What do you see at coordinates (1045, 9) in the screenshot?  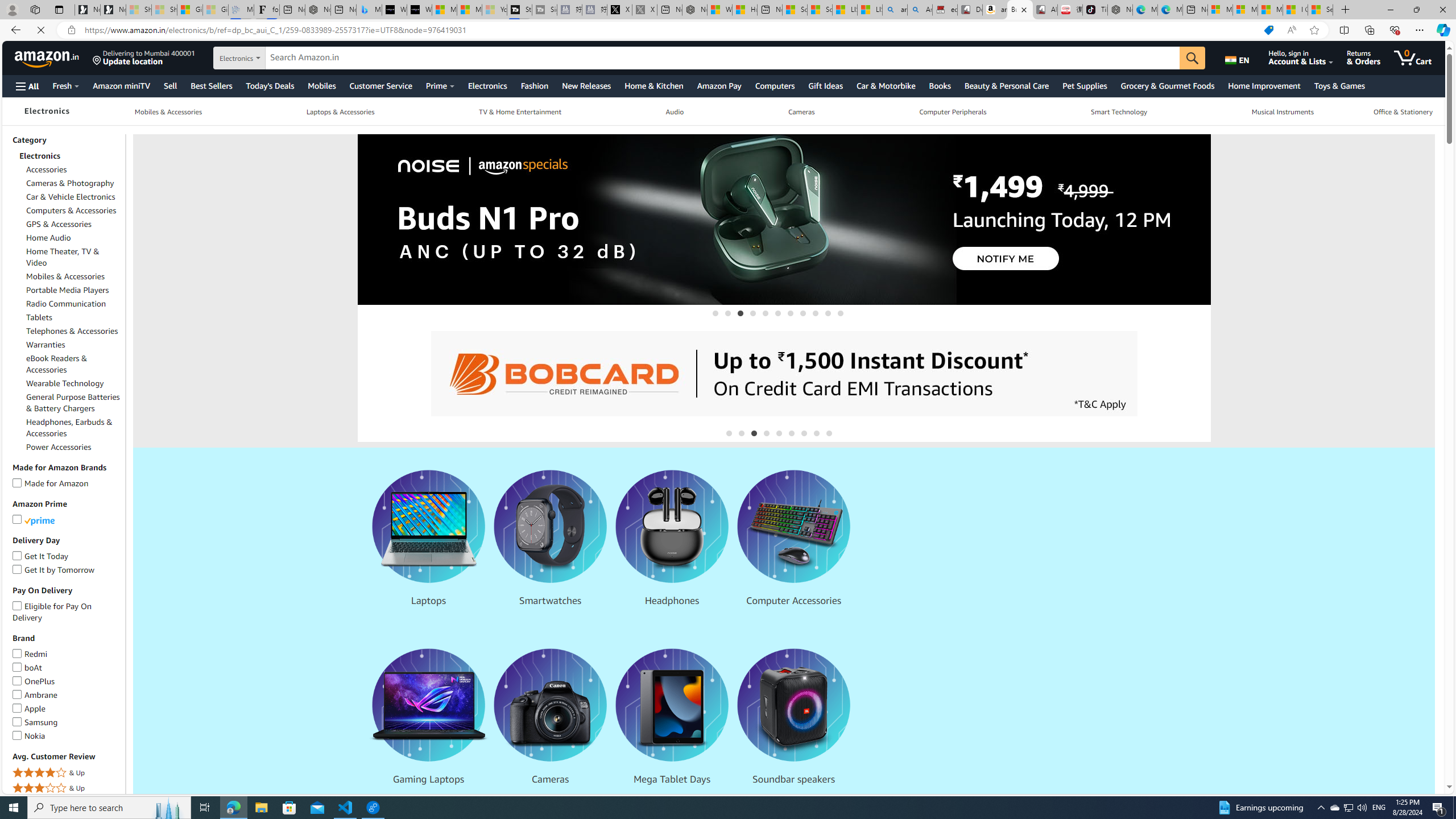 I see `'All Cubot phones'` at bounding box center [1045, 9].